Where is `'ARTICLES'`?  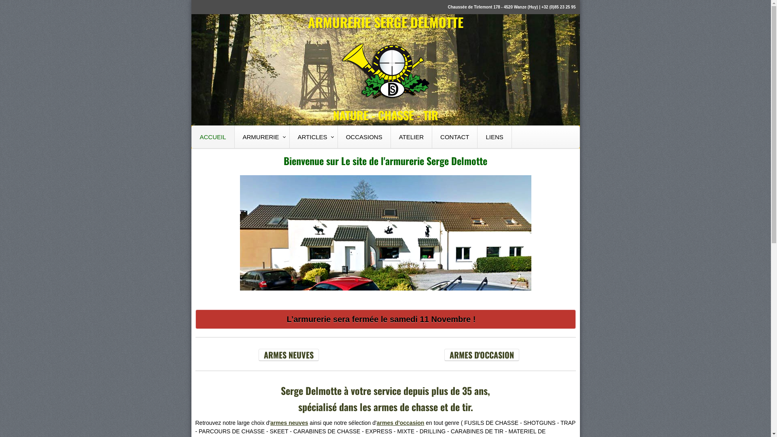 'ARTICLES' is located at coordinates (313, 136).